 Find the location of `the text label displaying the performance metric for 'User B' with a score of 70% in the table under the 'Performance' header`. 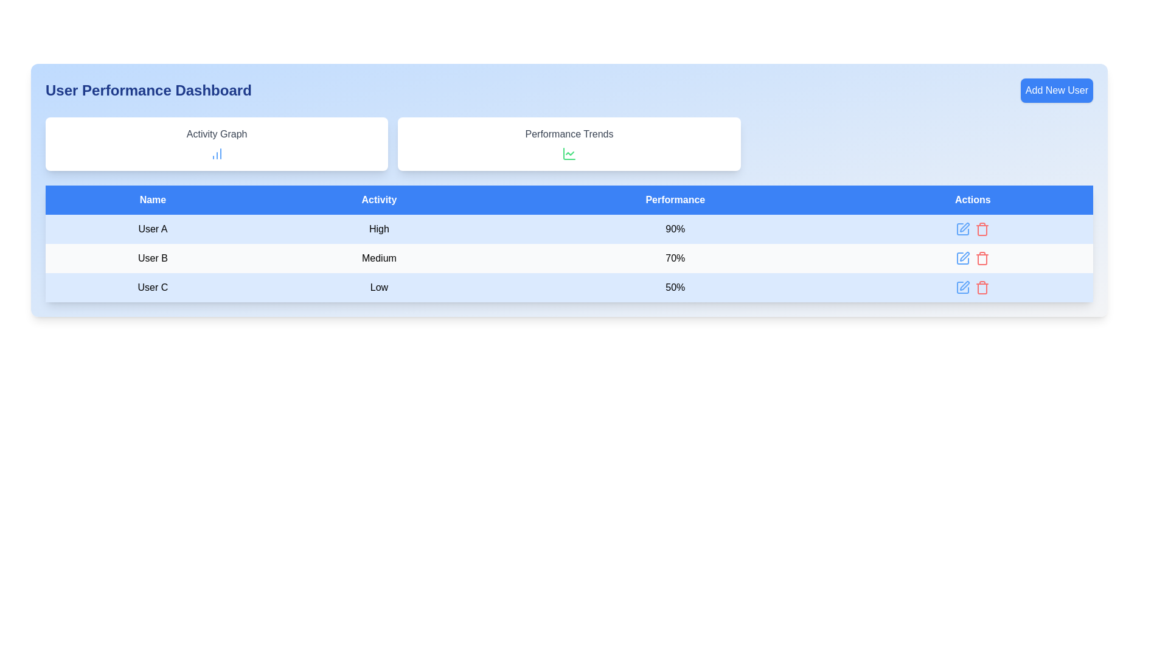

the text label displaying the performance metric for 'User B' with a score of 70% in the table under the 'Performance' header is located at coordinates (675, 257).